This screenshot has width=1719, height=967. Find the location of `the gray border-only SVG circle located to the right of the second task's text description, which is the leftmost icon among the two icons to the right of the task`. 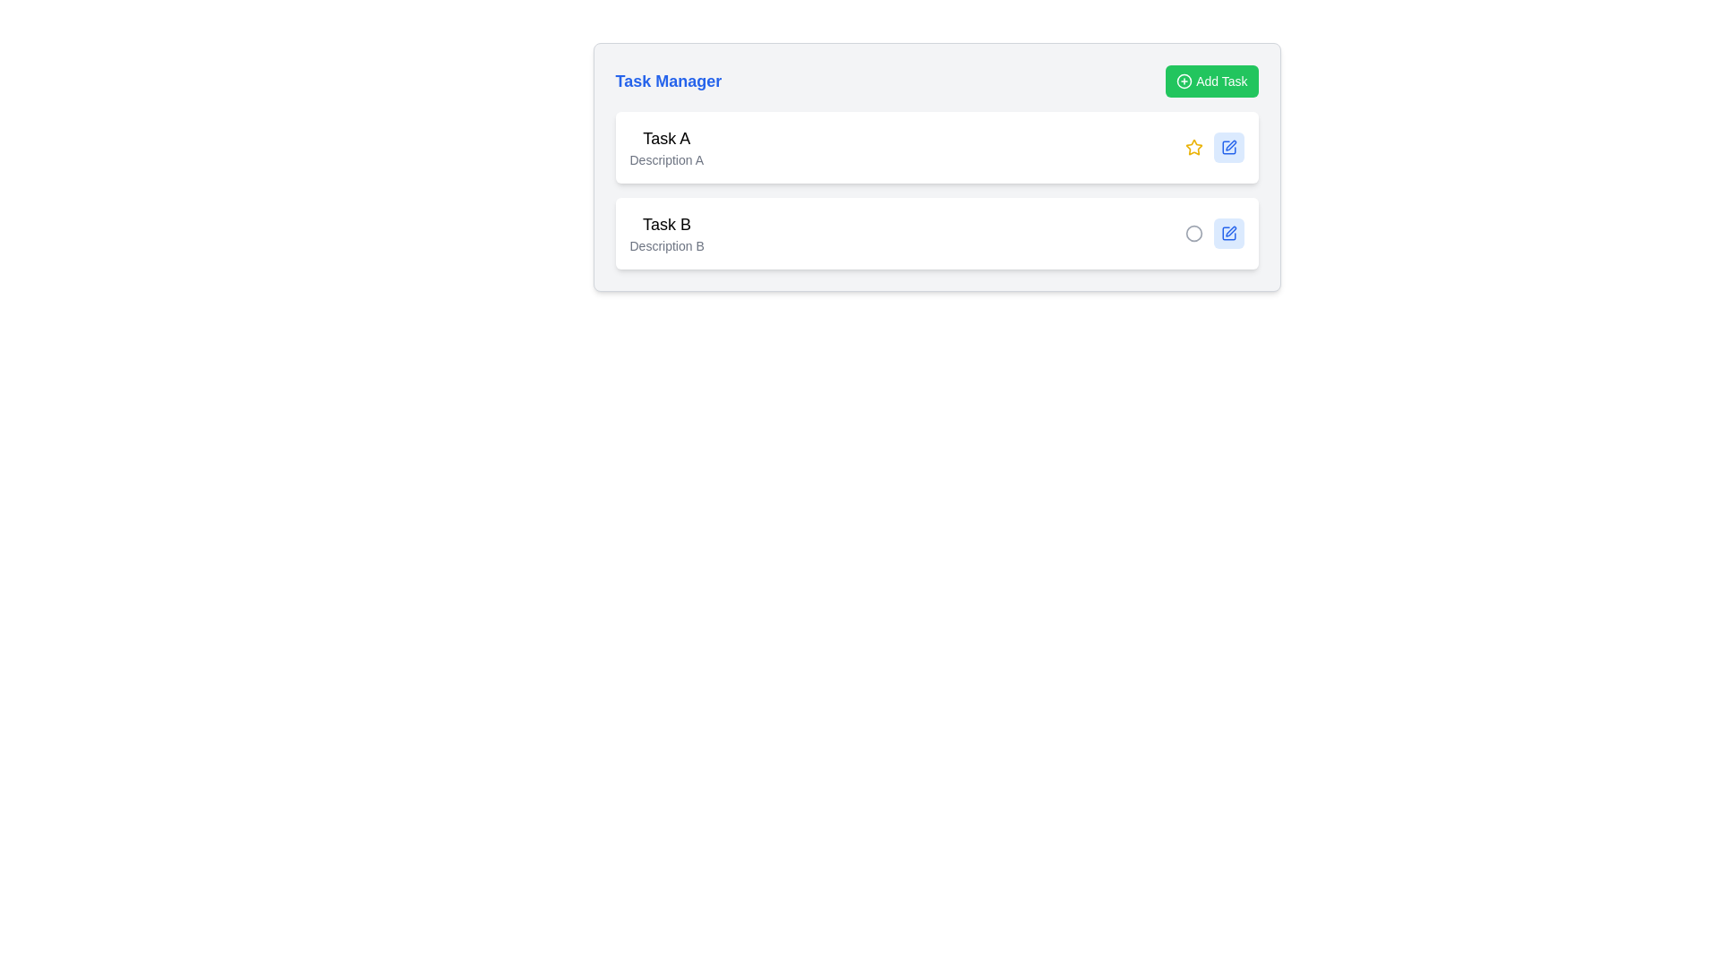

the gray border-only SVG circle located to the right of the second task's text description, which is the leftmost icon among the two icons to the right of the task is located at coordinates (1193, 233).